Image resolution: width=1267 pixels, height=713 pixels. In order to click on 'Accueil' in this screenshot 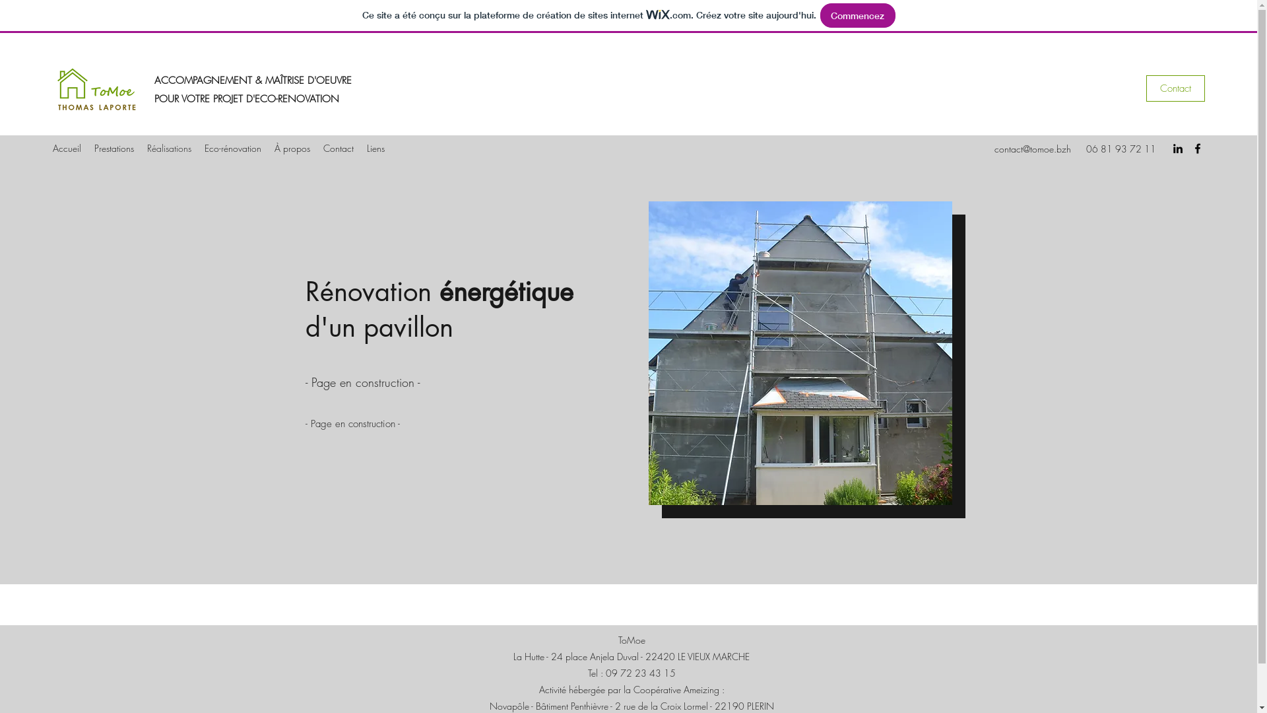, I will do `click(66, 148)`.